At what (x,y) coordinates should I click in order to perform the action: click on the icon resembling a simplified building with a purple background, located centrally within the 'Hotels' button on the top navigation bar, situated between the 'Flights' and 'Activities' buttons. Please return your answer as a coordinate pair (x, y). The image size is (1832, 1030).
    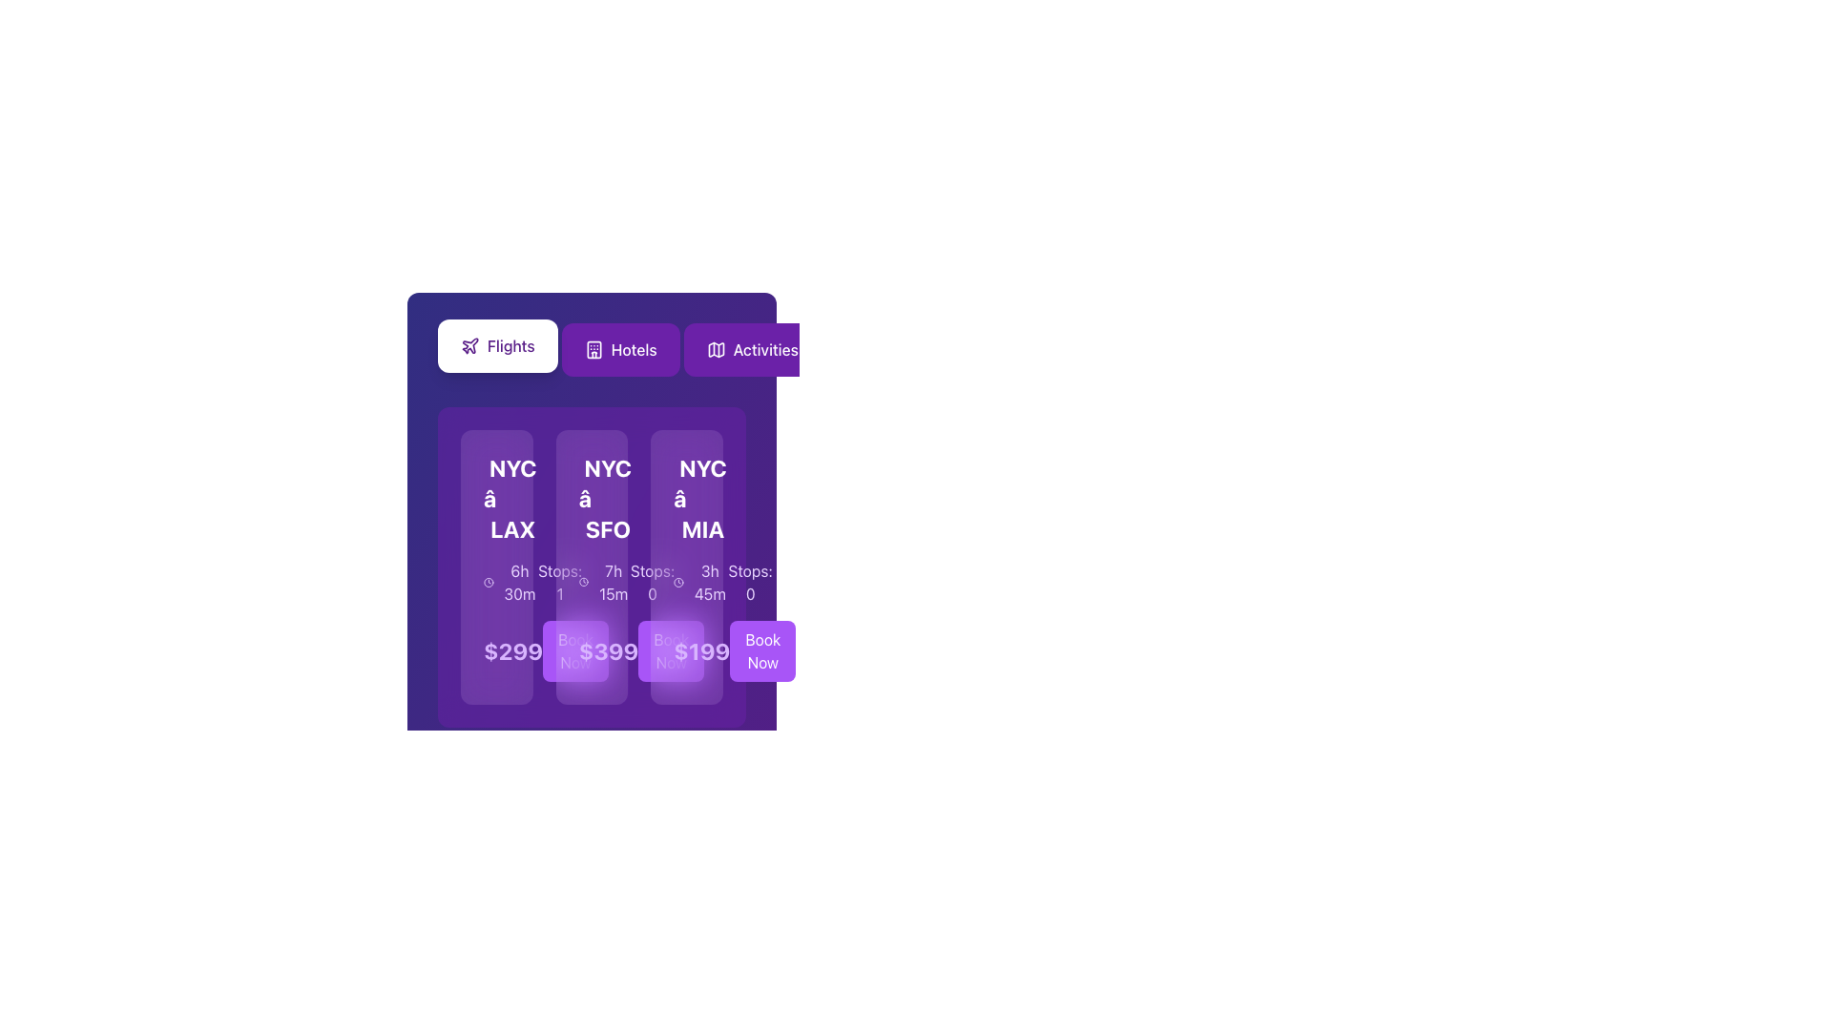
    Looking at the image, I should click on (593, 349).